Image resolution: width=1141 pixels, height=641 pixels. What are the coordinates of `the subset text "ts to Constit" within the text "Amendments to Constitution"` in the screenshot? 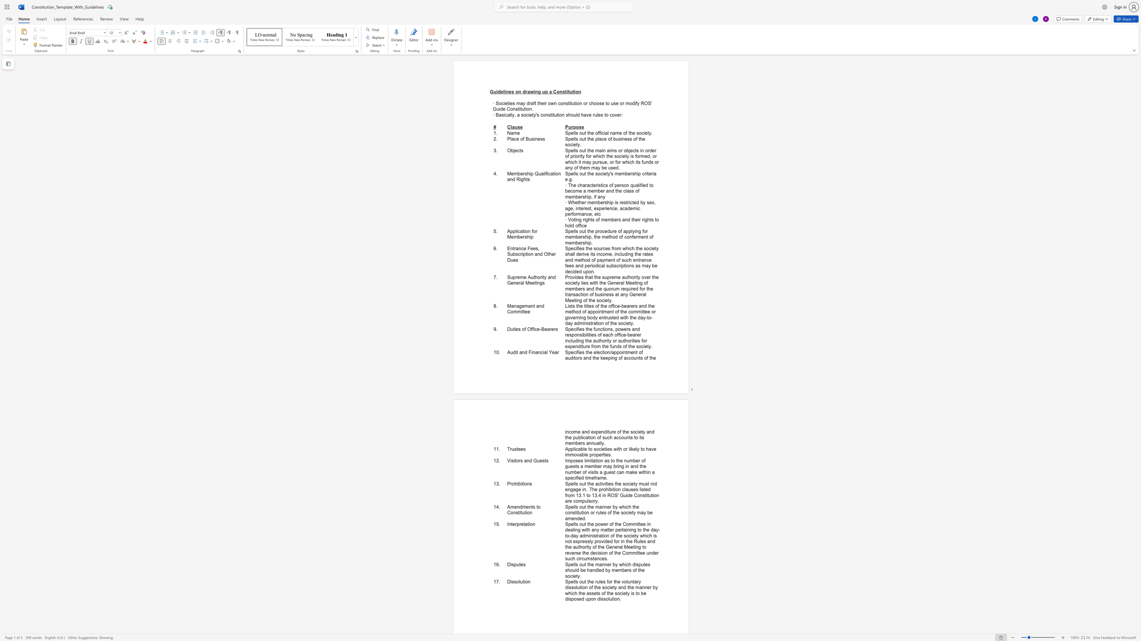 It's located at (531, 507).